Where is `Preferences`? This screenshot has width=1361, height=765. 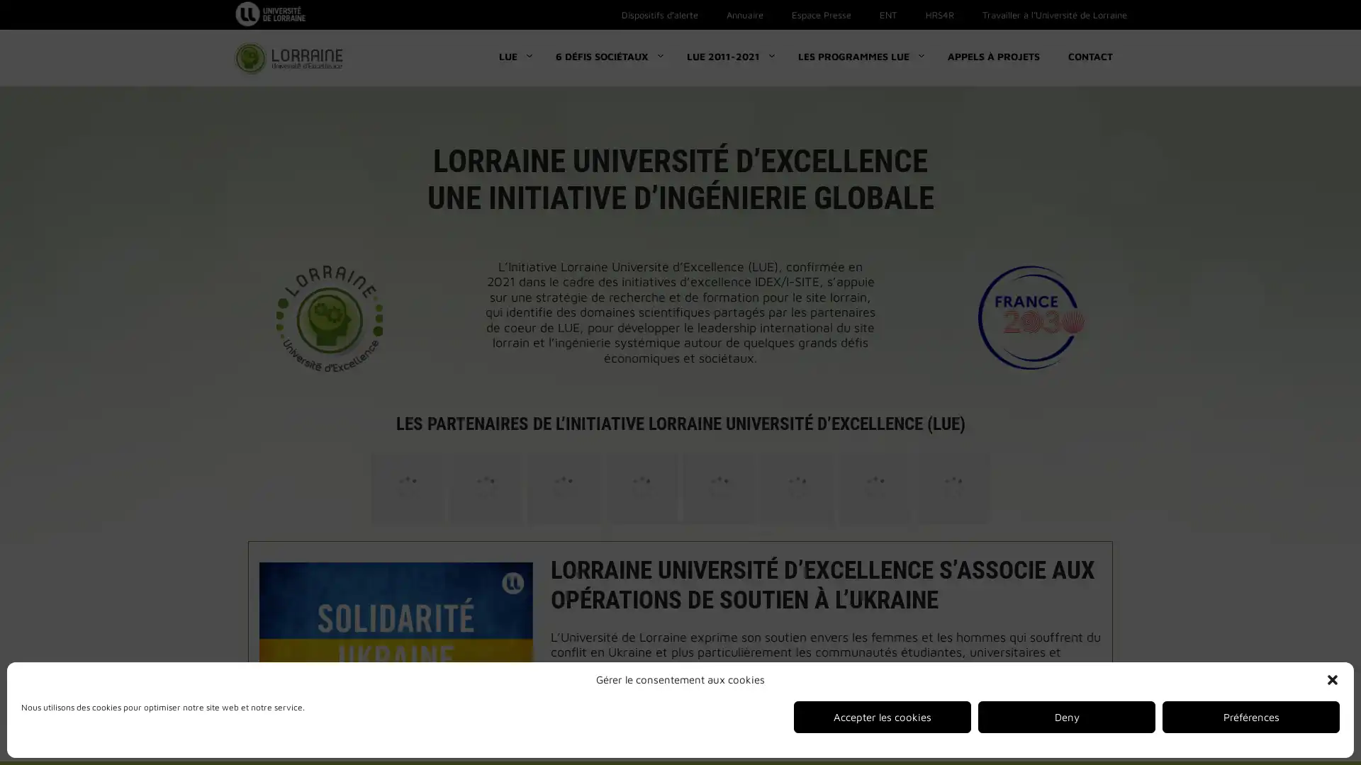 Preferences is located at coordinates (1251, 717).